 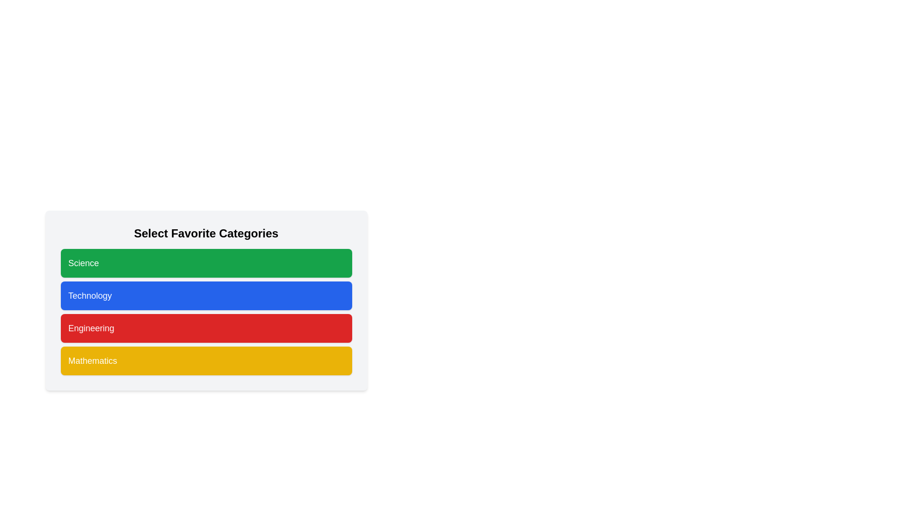 What do you see at coordinates (206, 300) in the screenshot?
I see `the 'Technology' category button, which is the second button in a vertical list of four categories, to observe styling changes` at bounding box center [206, 300].